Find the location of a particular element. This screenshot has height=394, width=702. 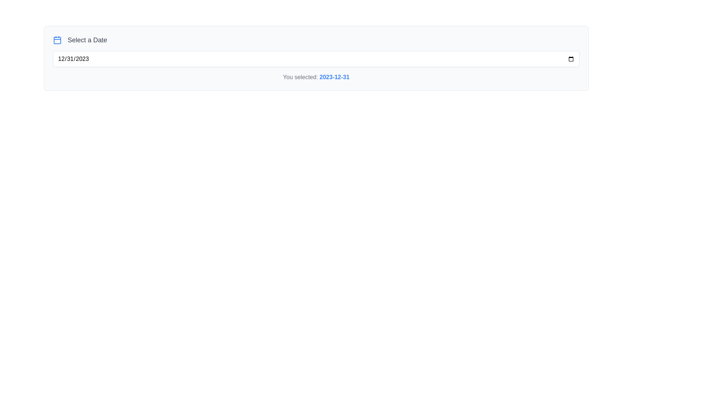

the static text display that shows the selected date, located to the right of 'You selected:' is located at coordinates (334, 77).